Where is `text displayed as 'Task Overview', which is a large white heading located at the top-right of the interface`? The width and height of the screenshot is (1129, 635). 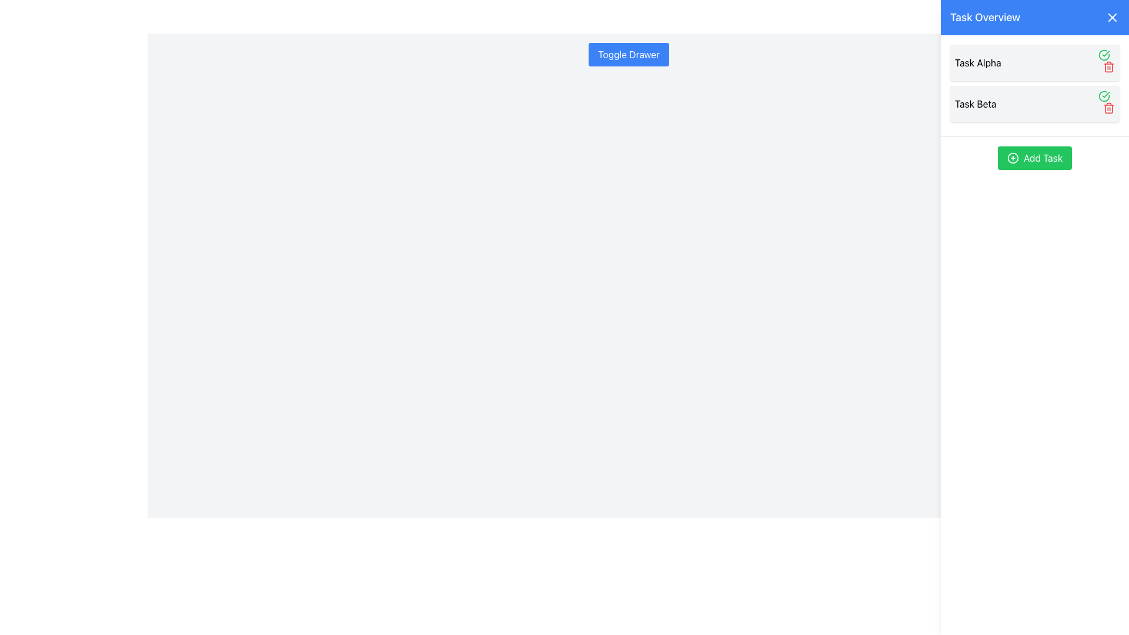 text displayed as 'Task Overview', which is a large white heading located at the top-right of the interface is located at coordinates (985, 18).